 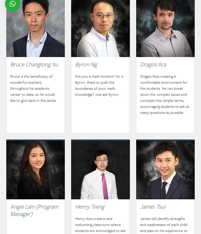 I want to click on 'Are you a math hotshot? 
So is Byron.

Want to push the boundaries of your math knowledge?
Just ask Byron.', so click(x=75, y=85).